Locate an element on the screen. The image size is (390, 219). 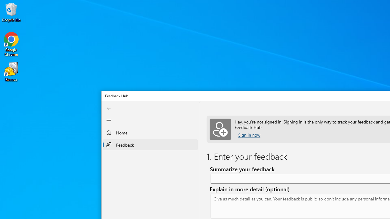
'Close Navigation' is located at coordinates (109, 120).